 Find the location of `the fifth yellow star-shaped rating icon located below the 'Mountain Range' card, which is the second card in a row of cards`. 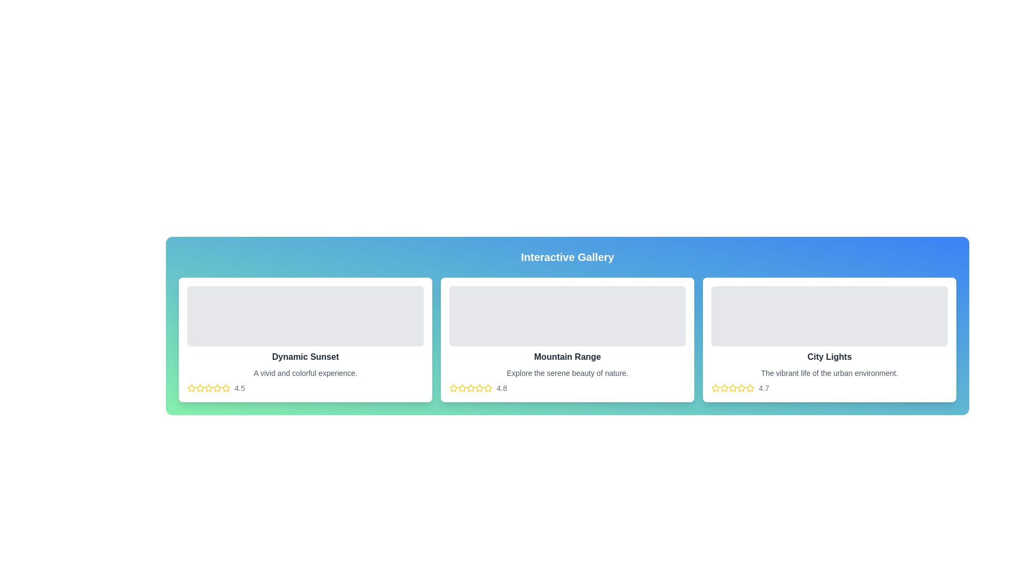

the fifth yellow star-shaped rating icon located below the 'Mountain Range' card, which is the second card in a row of cards is located at coordinates (471, 388).